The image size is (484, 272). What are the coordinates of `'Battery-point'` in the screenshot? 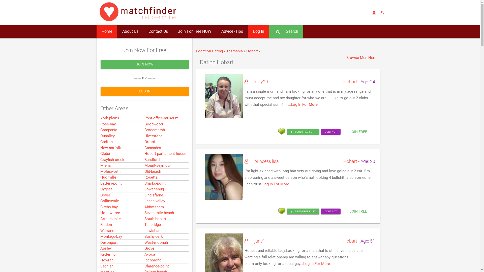 It's located at (111, 183).